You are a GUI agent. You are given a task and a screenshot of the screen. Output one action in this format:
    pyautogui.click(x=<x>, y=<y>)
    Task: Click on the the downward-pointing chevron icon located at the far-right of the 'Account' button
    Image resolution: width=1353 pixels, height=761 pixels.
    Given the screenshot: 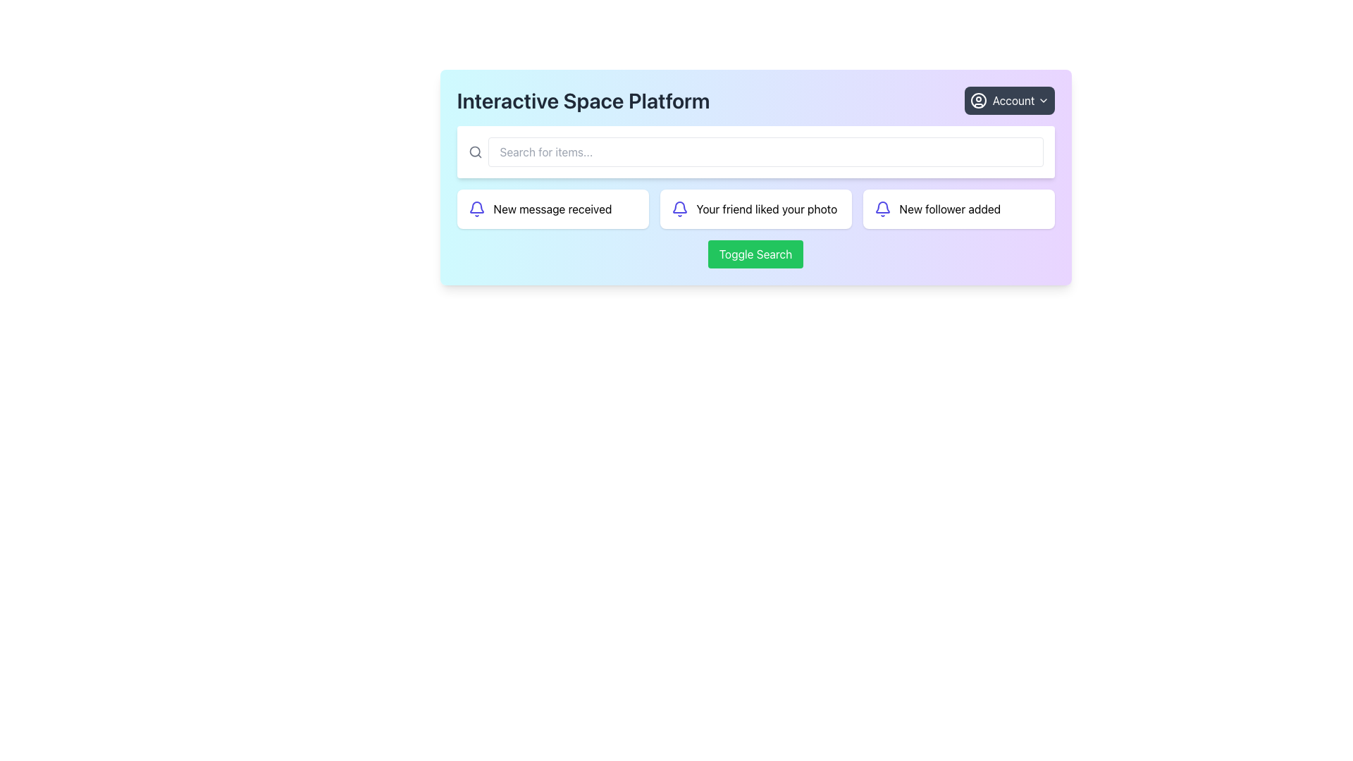 What is the action you would take?
    pyautogui.click(x=1043, y=99)
    